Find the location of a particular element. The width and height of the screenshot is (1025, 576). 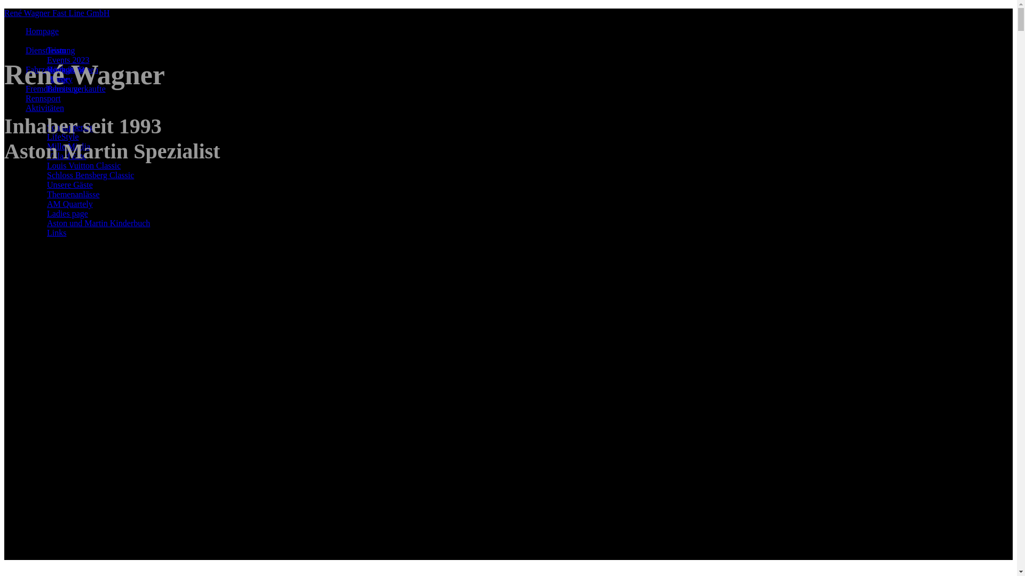

'Hompage' is located at coordinates (42, 30).